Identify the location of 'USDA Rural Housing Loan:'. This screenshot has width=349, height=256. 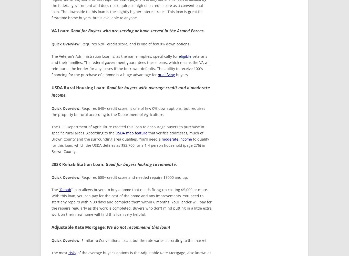
(52, 87).